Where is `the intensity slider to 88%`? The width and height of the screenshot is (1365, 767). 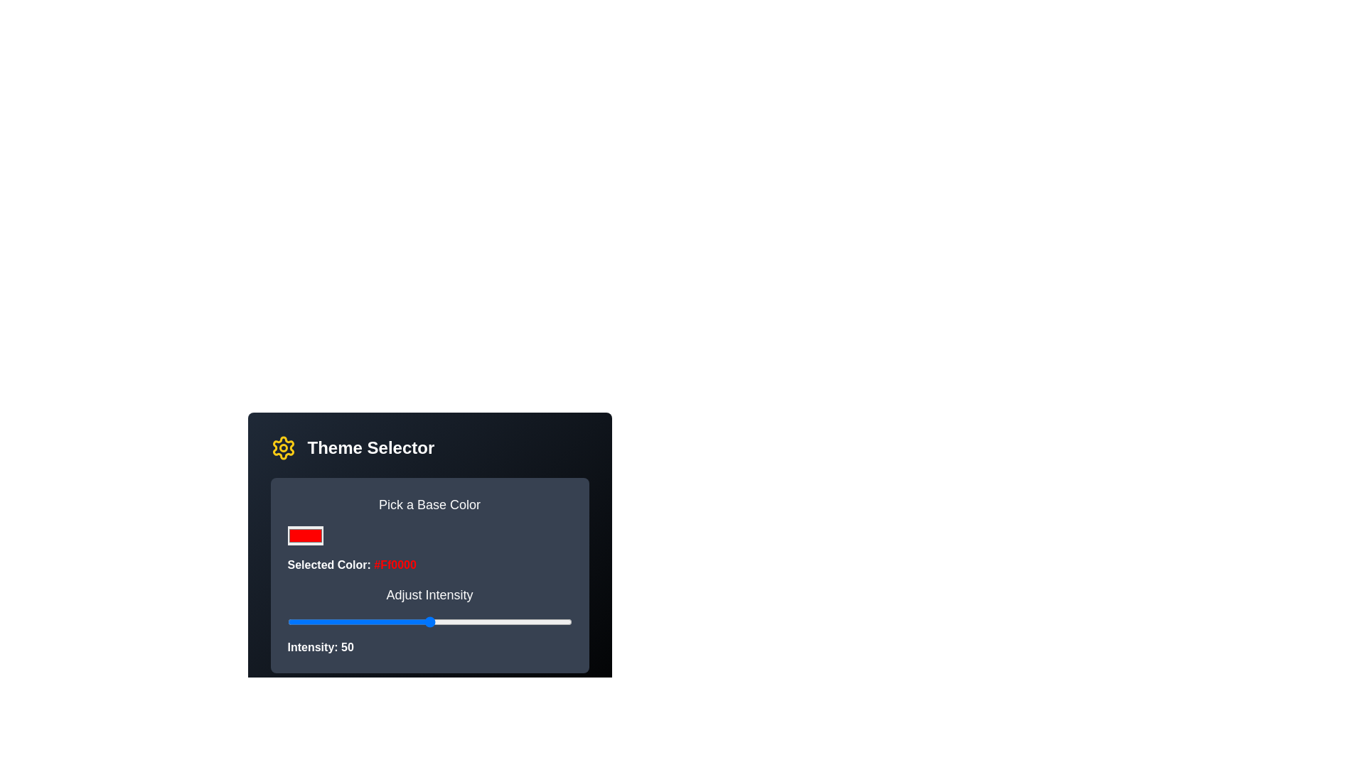
the intensity slider to 88% is located at coordinates (537, 621).